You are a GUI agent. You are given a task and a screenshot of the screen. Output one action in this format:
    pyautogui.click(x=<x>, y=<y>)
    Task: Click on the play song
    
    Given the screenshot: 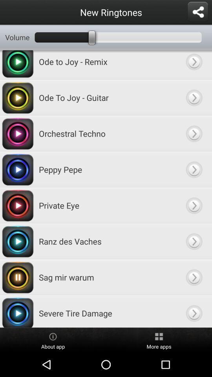 What is the action you would take?
    pyautogui.click(x=194, y=241)
    